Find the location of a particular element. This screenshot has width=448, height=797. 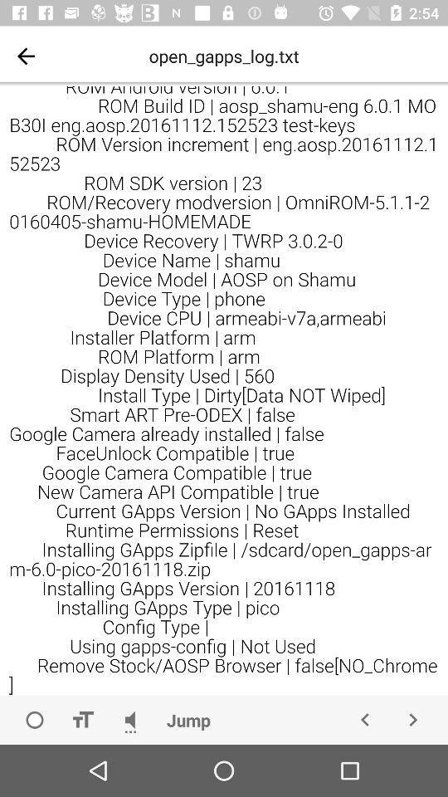

the arrow_backward icon is located at coordinates (365, 719).